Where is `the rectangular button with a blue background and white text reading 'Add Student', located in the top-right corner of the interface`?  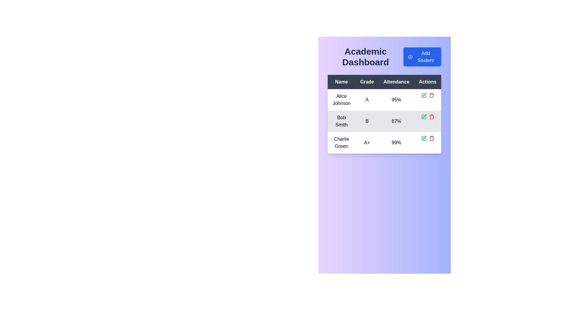 the rectangular button with a blue background and white text reading 'Add Student', located in the top-right corner of the interface is located at coordinates (422, 57).